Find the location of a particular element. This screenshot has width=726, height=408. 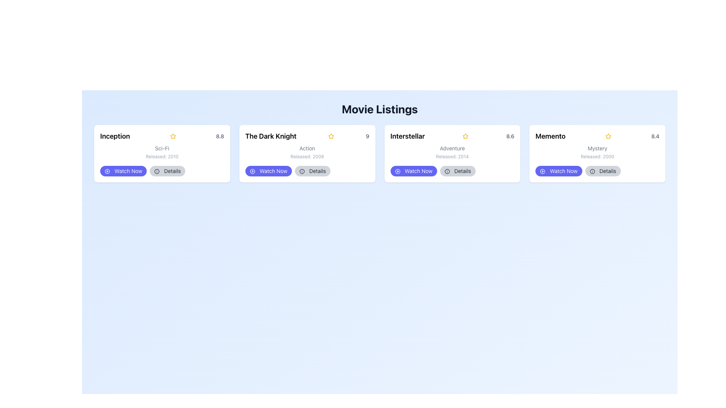

the text label that displays 'Released: 2010' within the movie card for 'Inception', which is styled with a small font size and gray color is located at coordinates (161, 156).